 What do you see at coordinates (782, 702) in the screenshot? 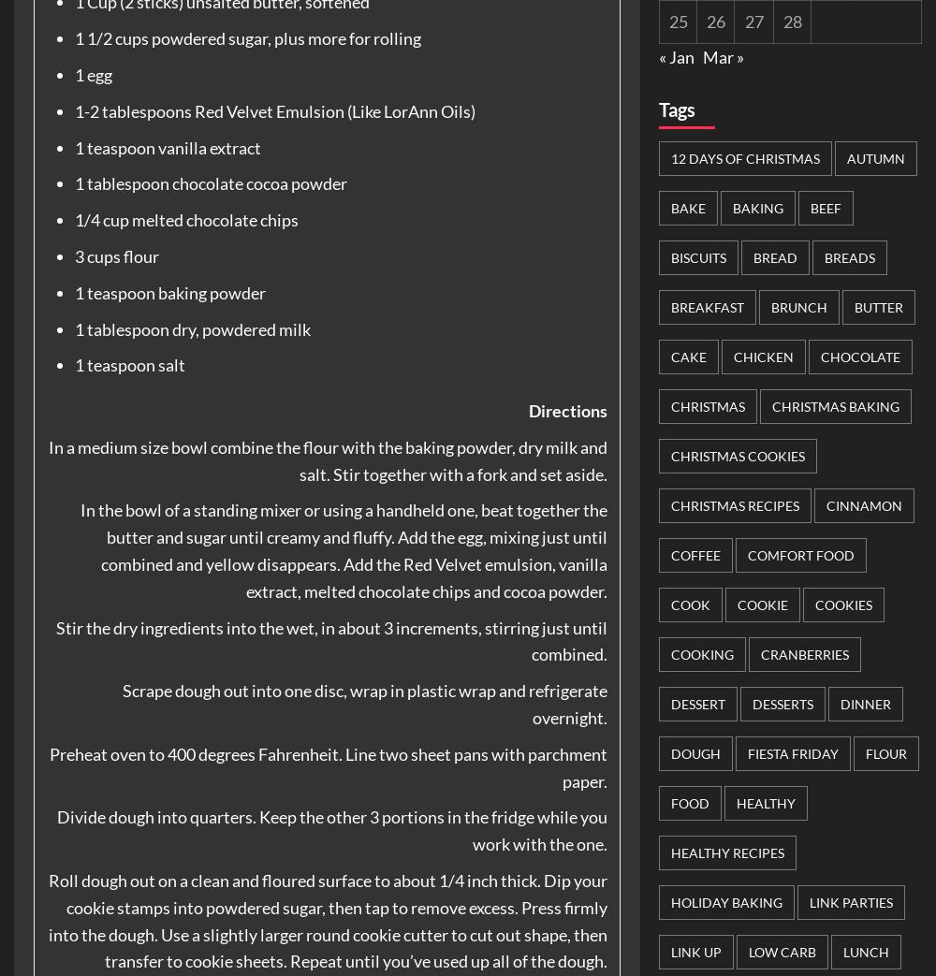
I see `'Desserts'` at bounding box center [782, 702].